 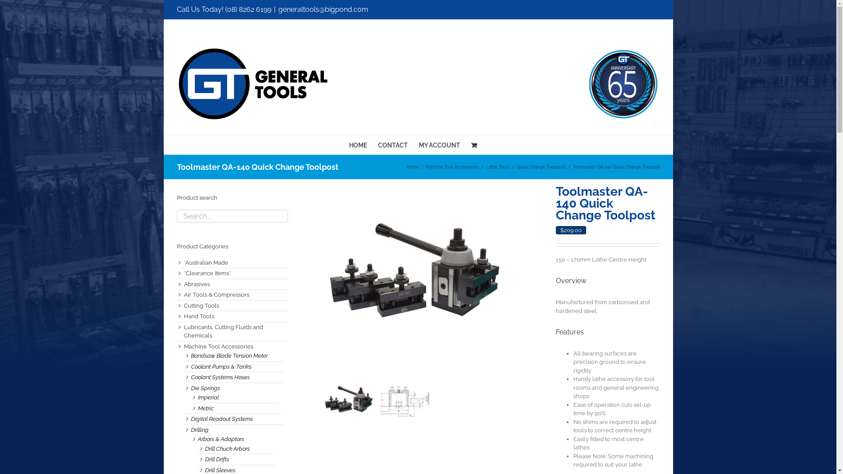 I want to click on 'Lubricants, Cutting Fluids and Chemicals', so click(x=183, y=331).